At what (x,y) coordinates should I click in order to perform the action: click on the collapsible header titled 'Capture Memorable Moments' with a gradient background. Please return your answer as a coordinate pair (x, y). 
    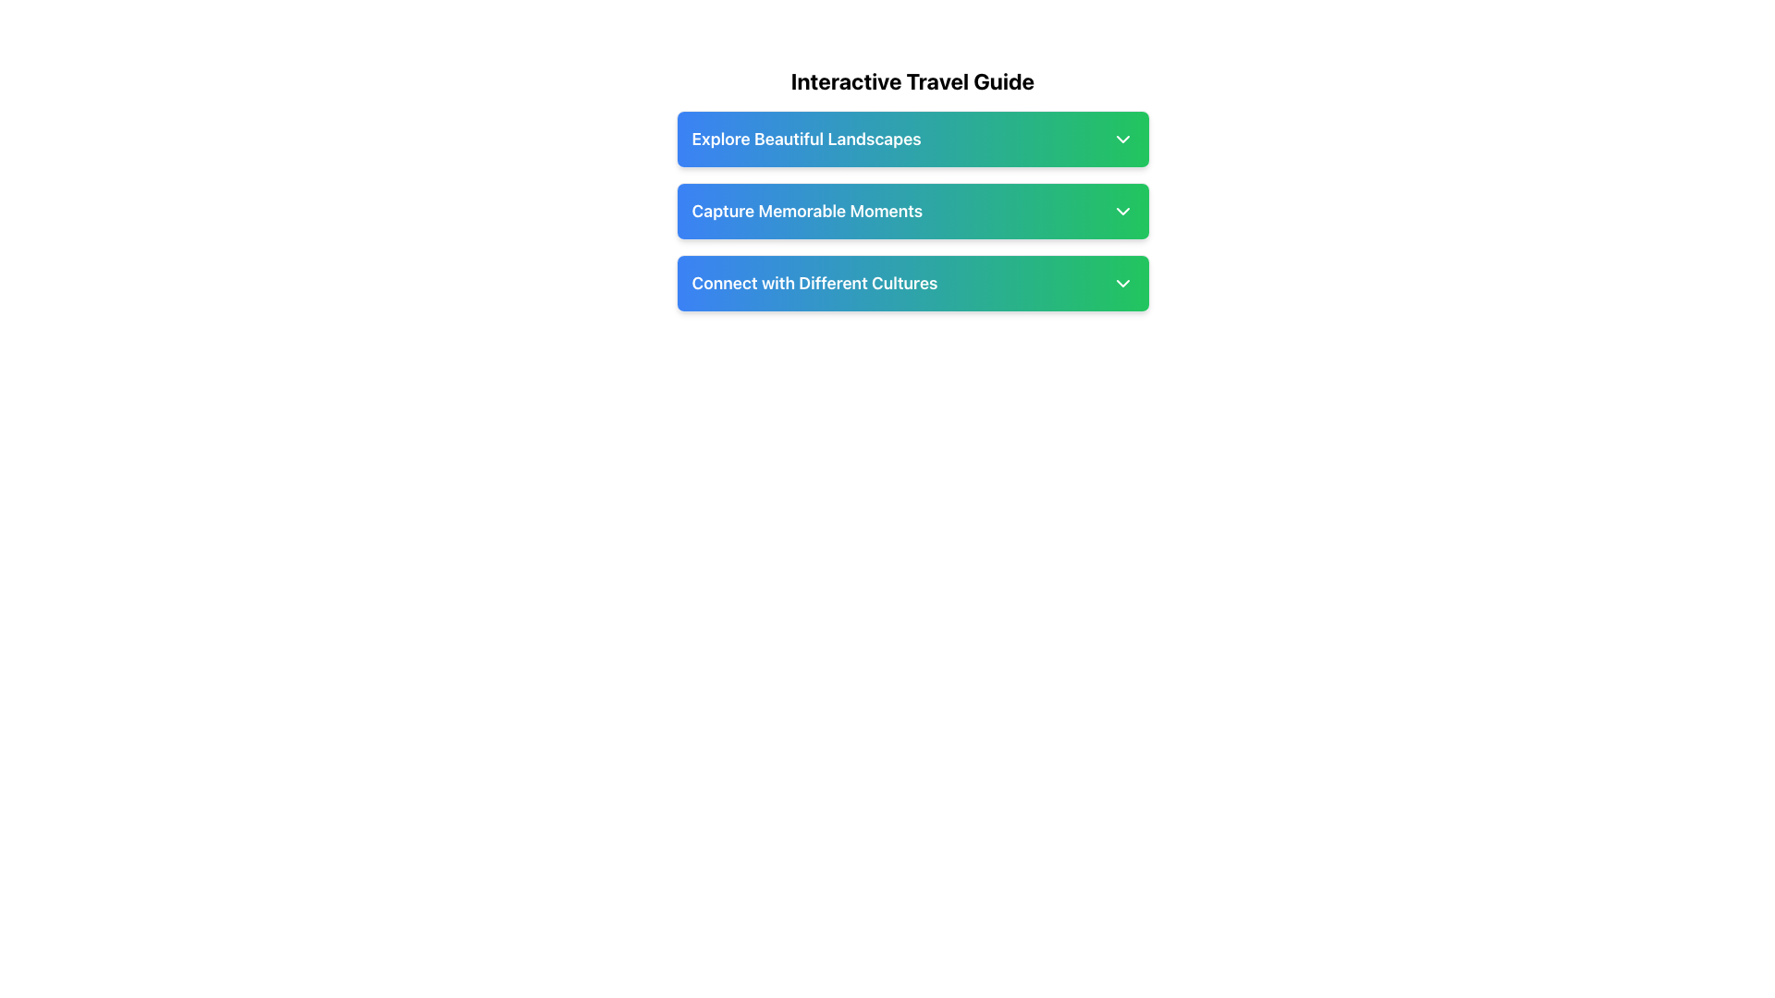
    Looking at the image, I should click on (912, 189).